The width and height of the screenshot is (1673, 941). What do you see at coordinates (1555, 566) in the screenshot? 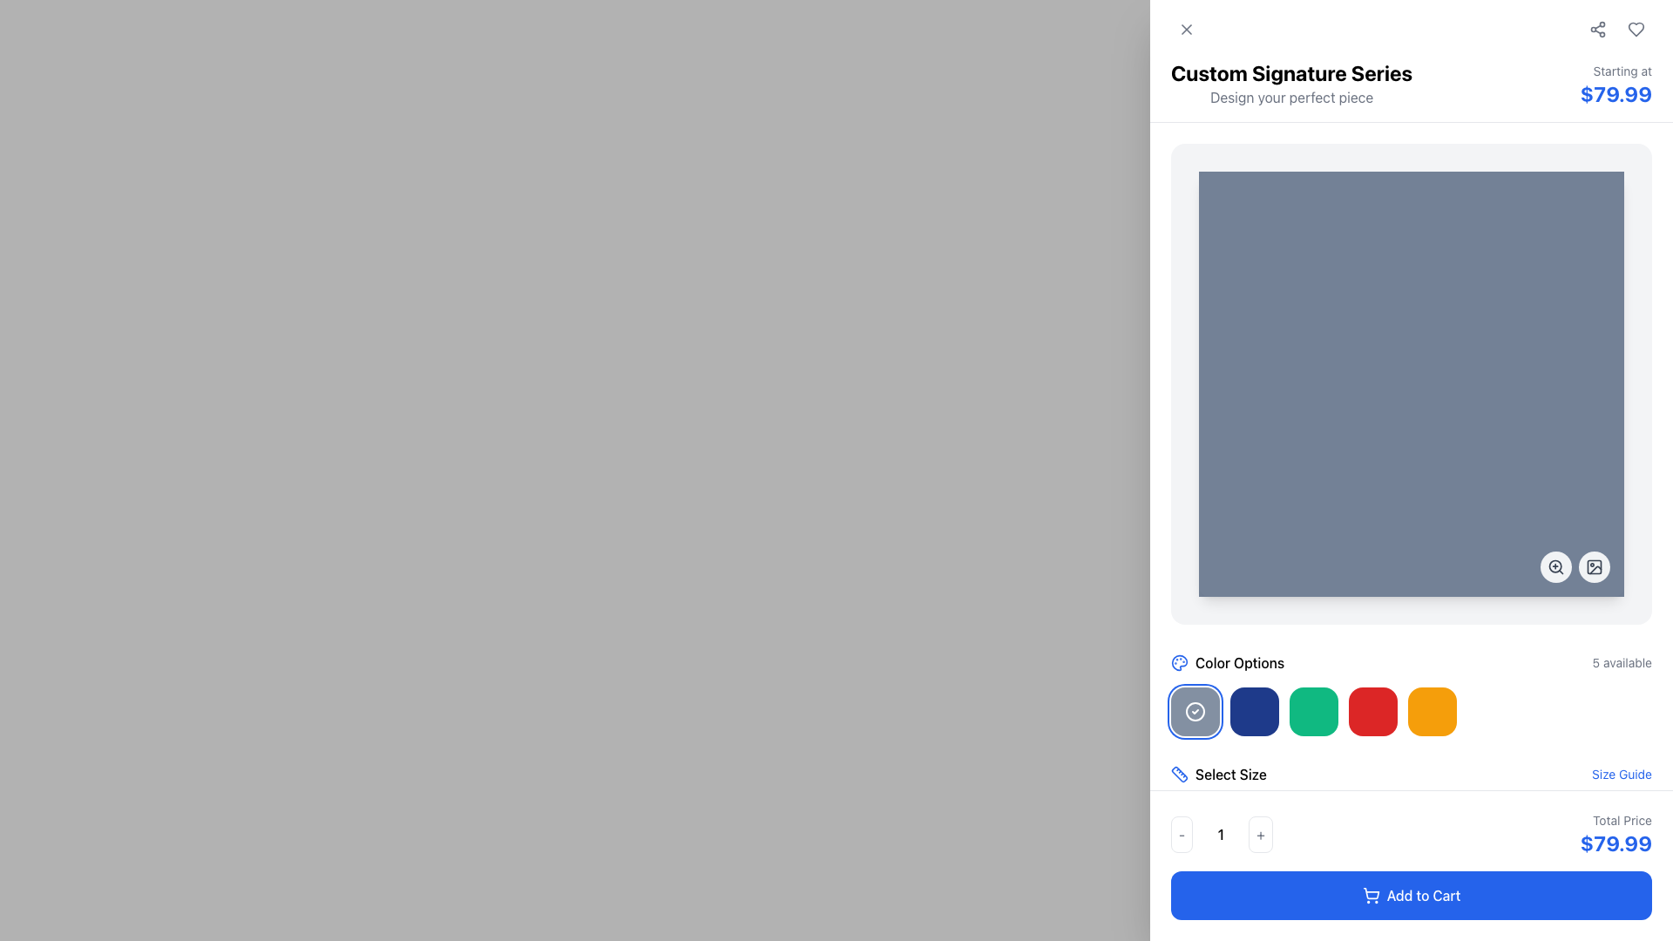
I see `the SVG circle at the bottom-right corner of the main interactive area, which represents the 'zoom-in' functionality` at bounding box center [1555, 566].